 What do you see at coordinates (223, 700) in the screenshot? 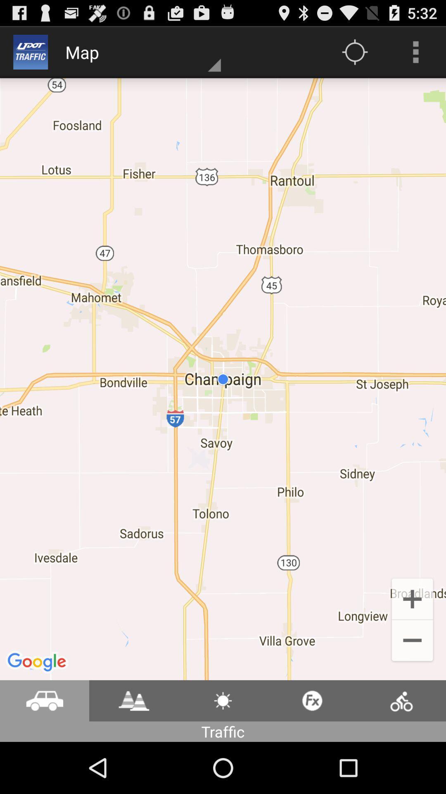
I see `show road weather conditions` at bounding box center [223, 700].